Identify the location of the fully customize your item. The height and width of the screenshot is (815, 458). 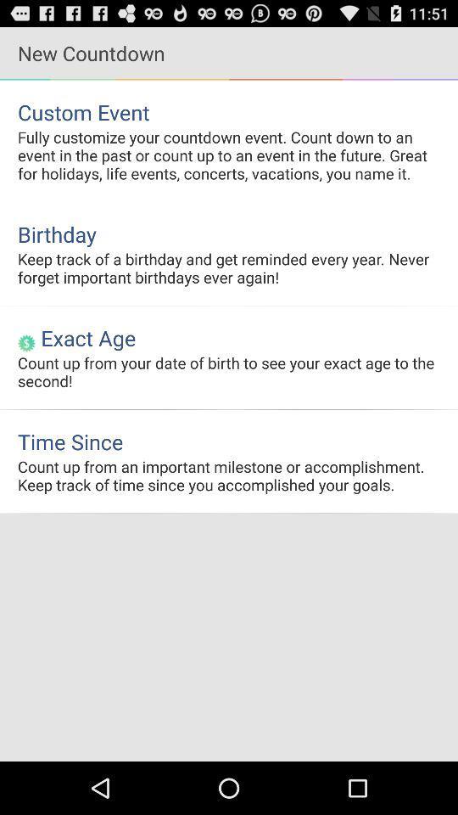
(229, 155).